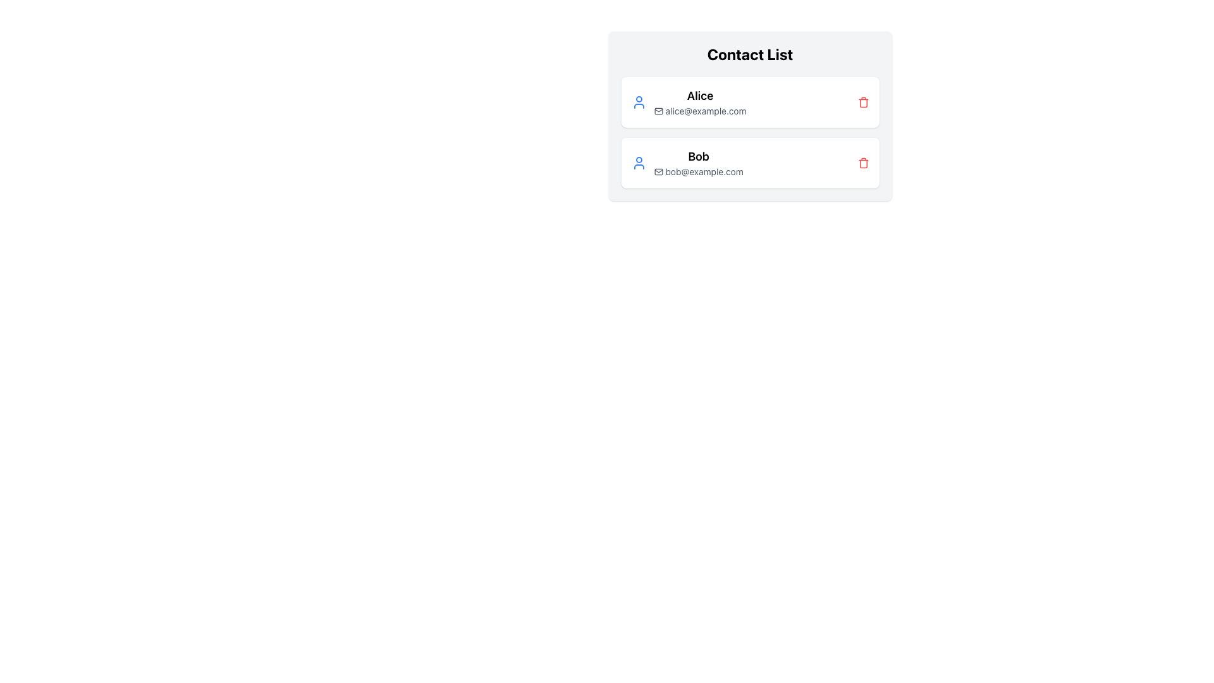  I want to click on the email address text associated with the contact 'Alice', which is located in the first card of the contact list interface, directly below the label 'Alice' and next to the mail icon, so click(699, 111).